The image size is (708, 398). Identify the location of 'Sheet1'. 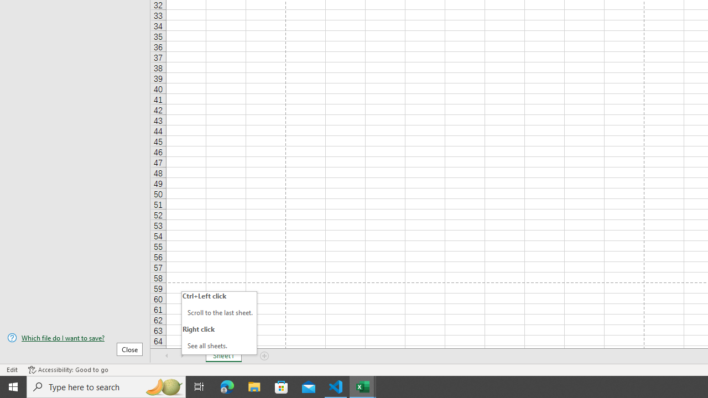
(223, 356).